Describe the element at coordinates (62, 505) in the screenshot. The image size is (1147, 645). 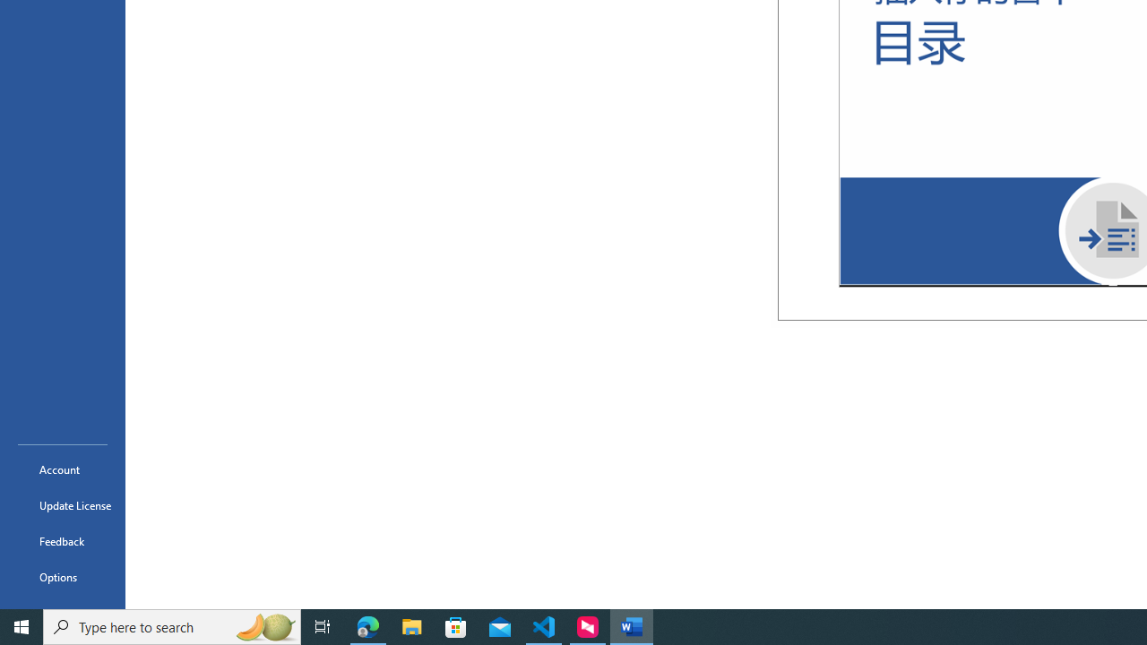
I see `'Update License'` at that location.